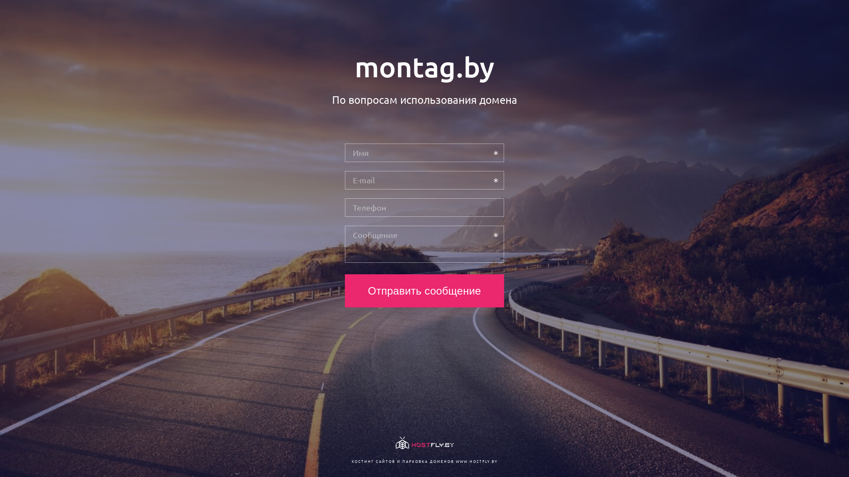 Image resolution: width=849 pixels, height=477 pixels. I want to click on 'WWW.HOSTFLY.BY', so click(476, 461).